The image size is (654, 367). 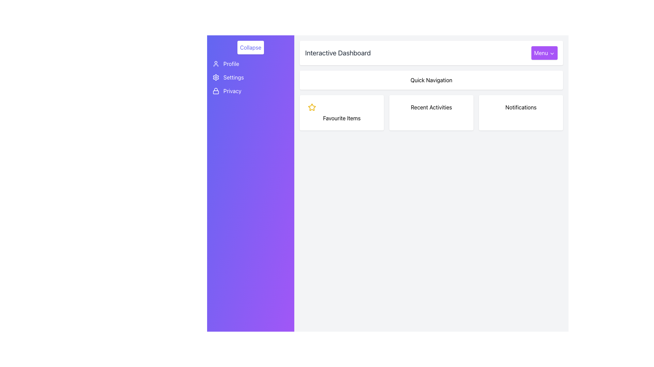 I want to click on the star-shaped icon with a yellow outline located inside the 'Favourite Items' card in the left column under 'Quick Navigation', so click(x=312, y=107).